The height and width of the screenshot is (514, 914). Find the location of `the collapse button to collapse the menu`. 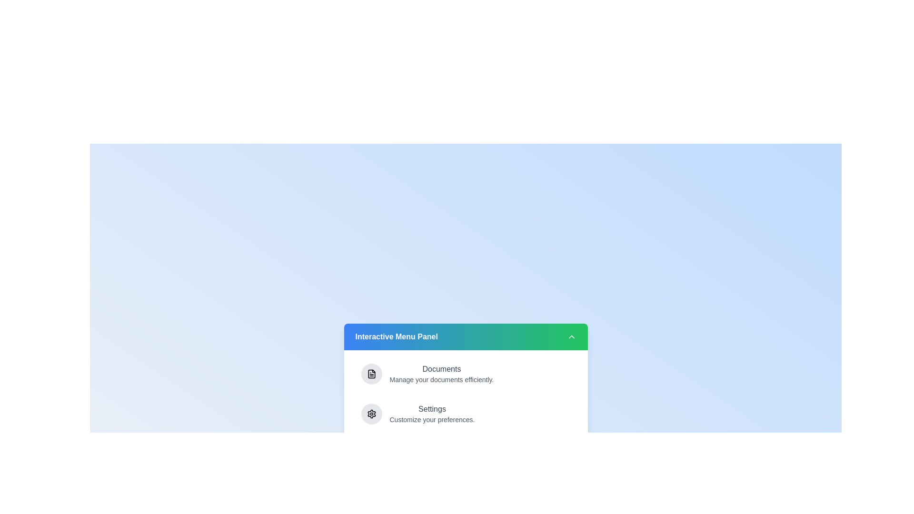

the collapse button to collapse the menu is located at coordinates (571, 336).